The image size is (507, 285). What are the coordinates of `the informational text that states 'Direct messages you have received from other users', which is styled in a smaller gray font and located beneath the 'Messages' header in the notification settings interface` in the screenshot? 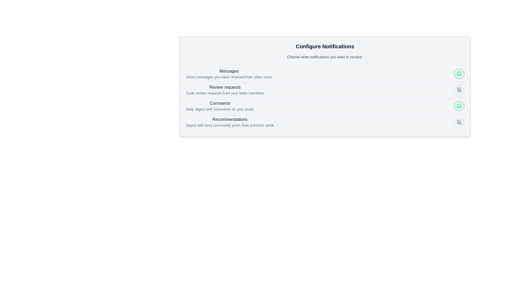 It's located at (229, 77).